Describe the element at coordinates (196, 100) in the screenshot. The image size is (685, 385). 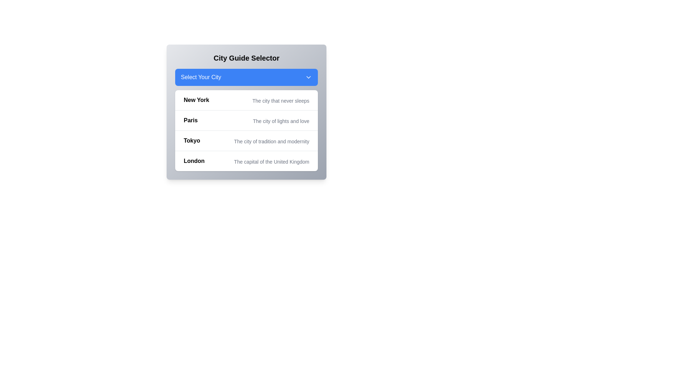
I see `the text label 'New York', which is the first option in the city selection list and serves as a title for the description of the city` at that location.